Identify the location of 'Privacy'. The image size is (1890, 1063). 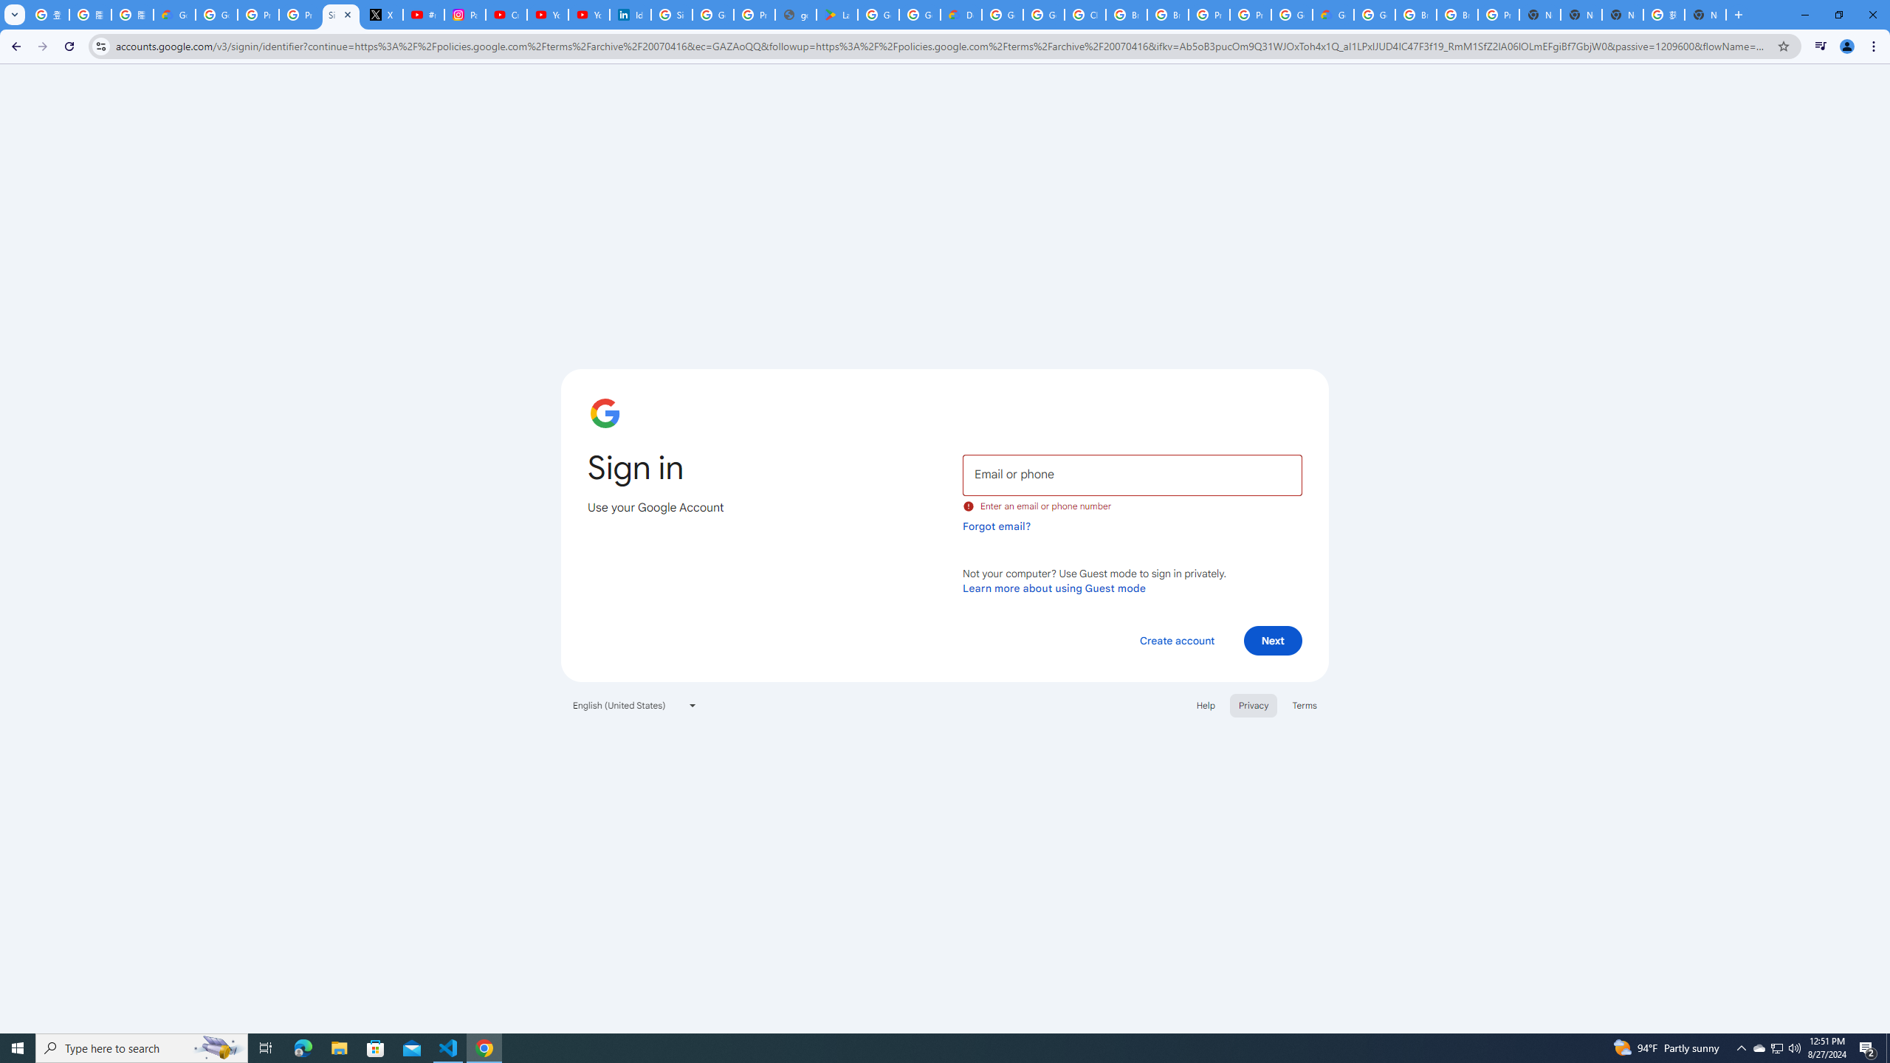
(1252, 704).